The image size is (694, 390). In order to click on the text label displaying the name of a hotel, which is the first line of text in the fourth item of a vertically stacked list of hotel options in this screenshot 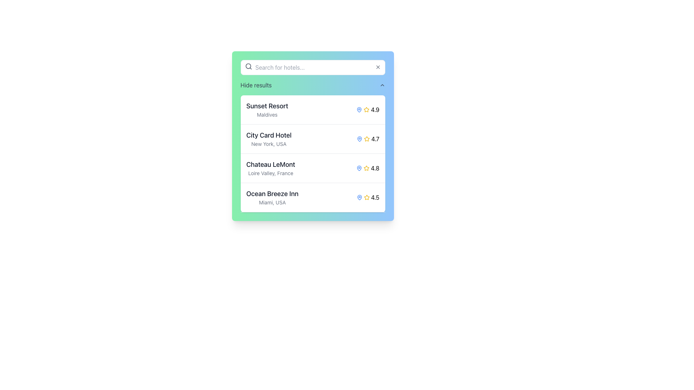, I will do `click(272, 193)`.